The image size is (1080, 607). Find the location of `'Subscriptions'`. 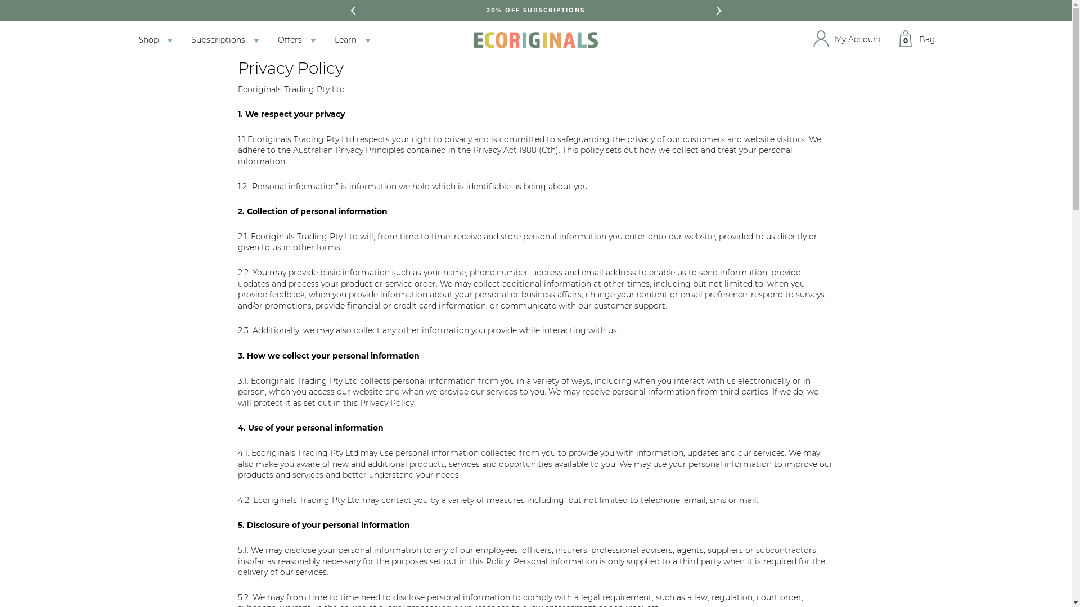

'Subscriptions' is located at coordinates (182, 39).